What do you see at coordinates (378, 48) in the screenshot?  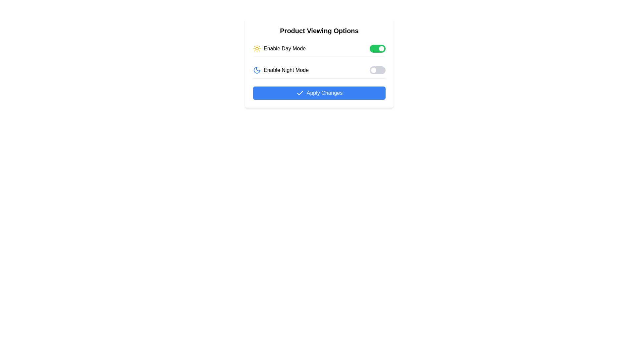 I see `the toggle switch located to the right of the 'Enable Day Mode' label in the 'Product Viewing Options' section to change its state` at bounding box center [378, 48].